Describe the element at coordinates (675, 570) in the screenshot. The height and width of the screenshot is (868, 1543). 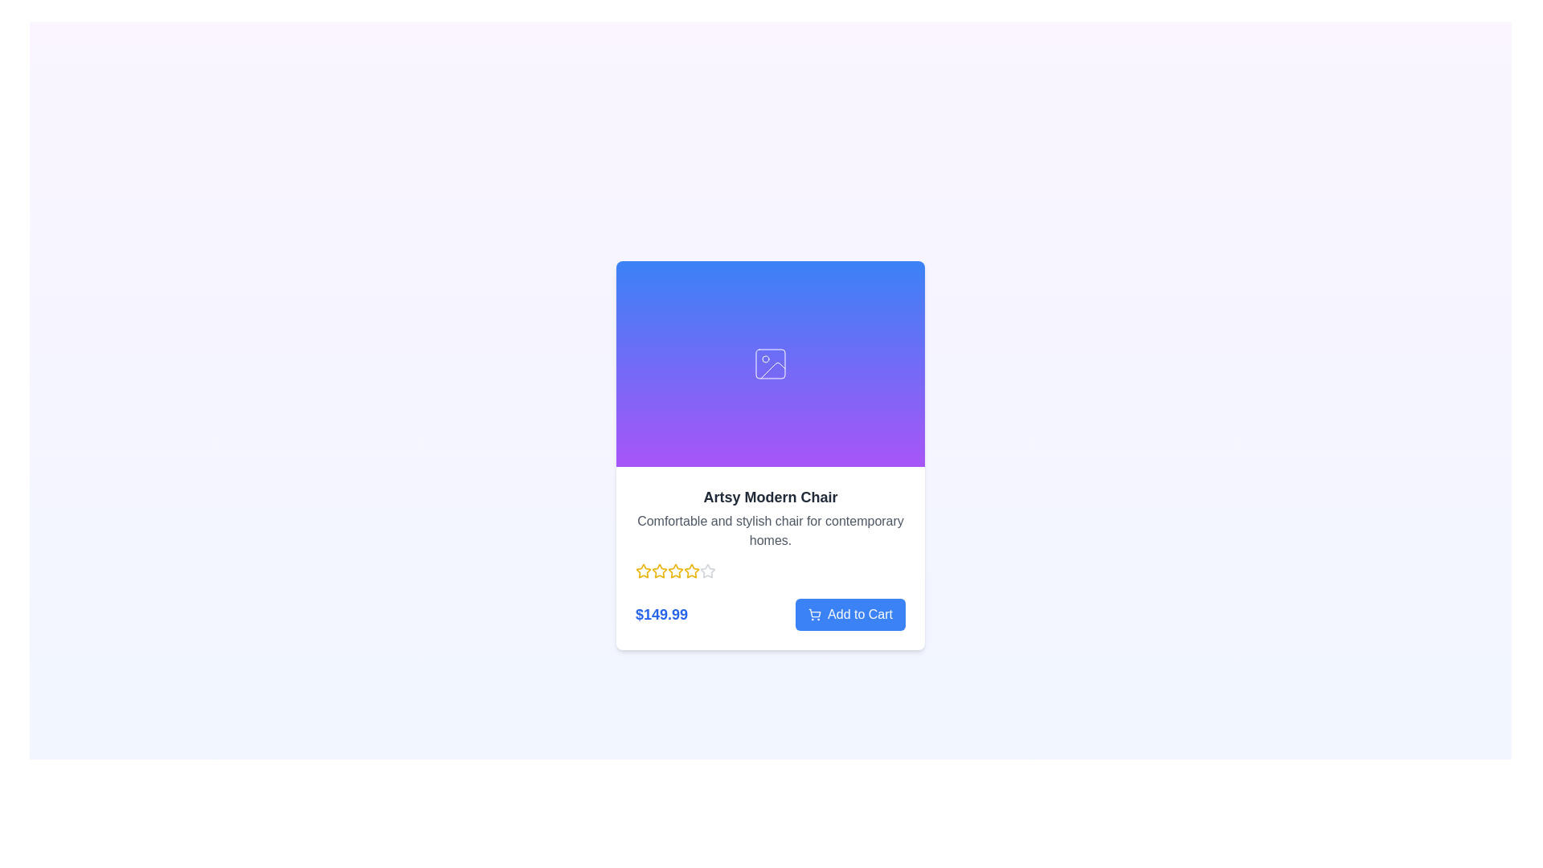
I see `the third yellow star icon with a hollow center in the horizontal row of rating stars located below the product title and description` at that location.